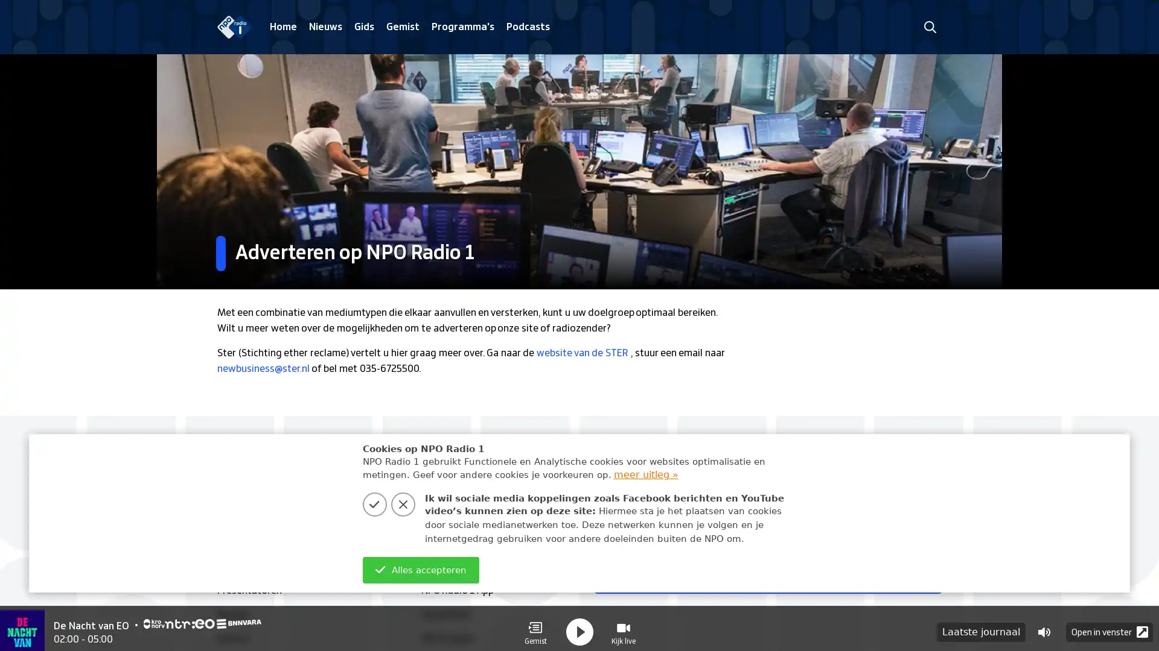 The height and width of the screenshot is (651, 1159). Describe the element at coordinates (623, 624) in the screenshot. I see `Visual Radio Kijk live` at that location.